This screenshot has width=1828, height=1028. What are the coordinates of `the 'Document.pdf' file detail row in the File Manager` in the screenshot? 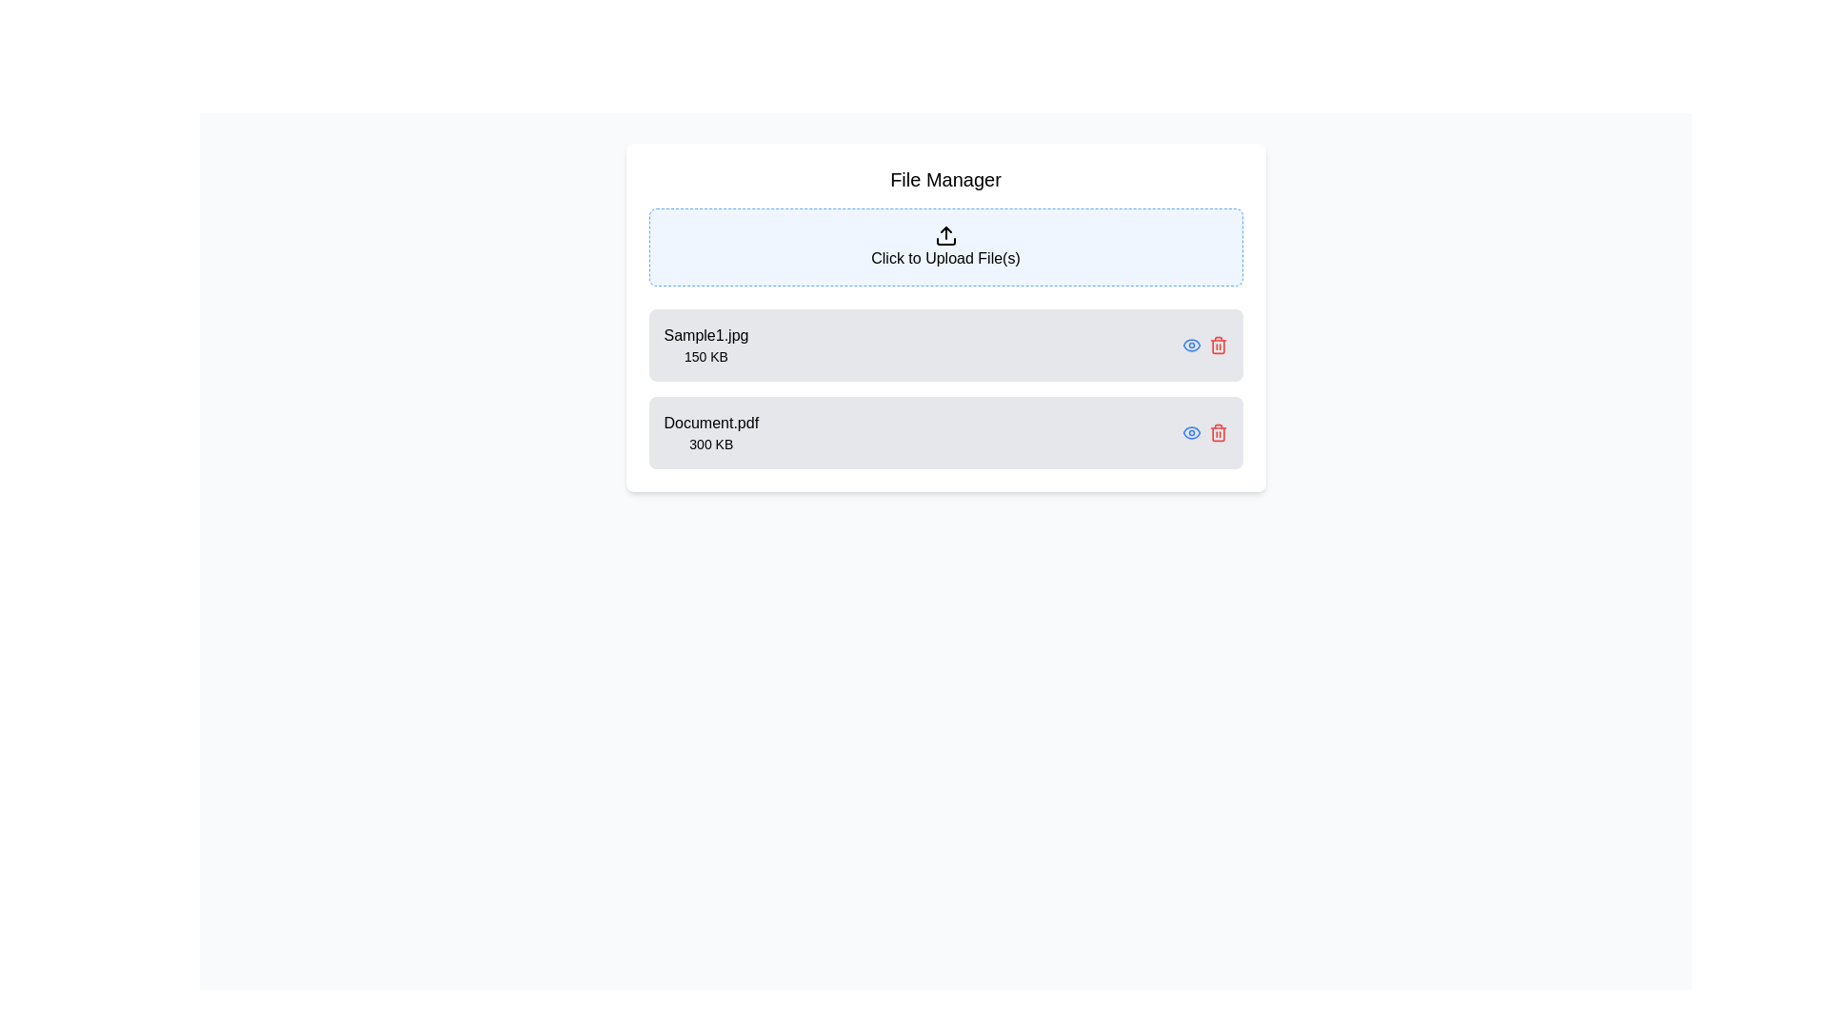 It's located at (945, 433).